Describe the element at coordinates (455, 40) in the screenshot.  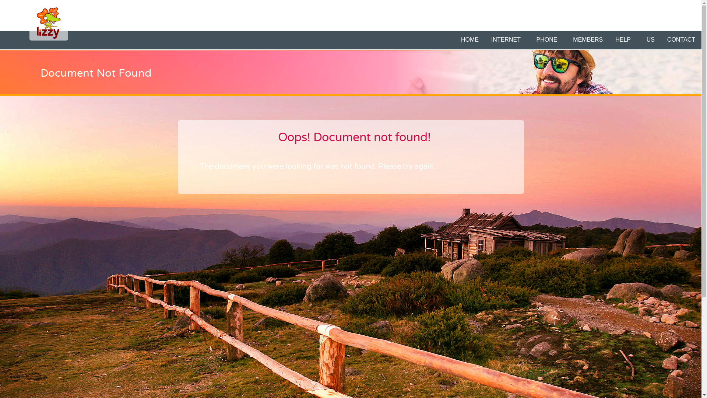
I see `'HOME'` at that location.